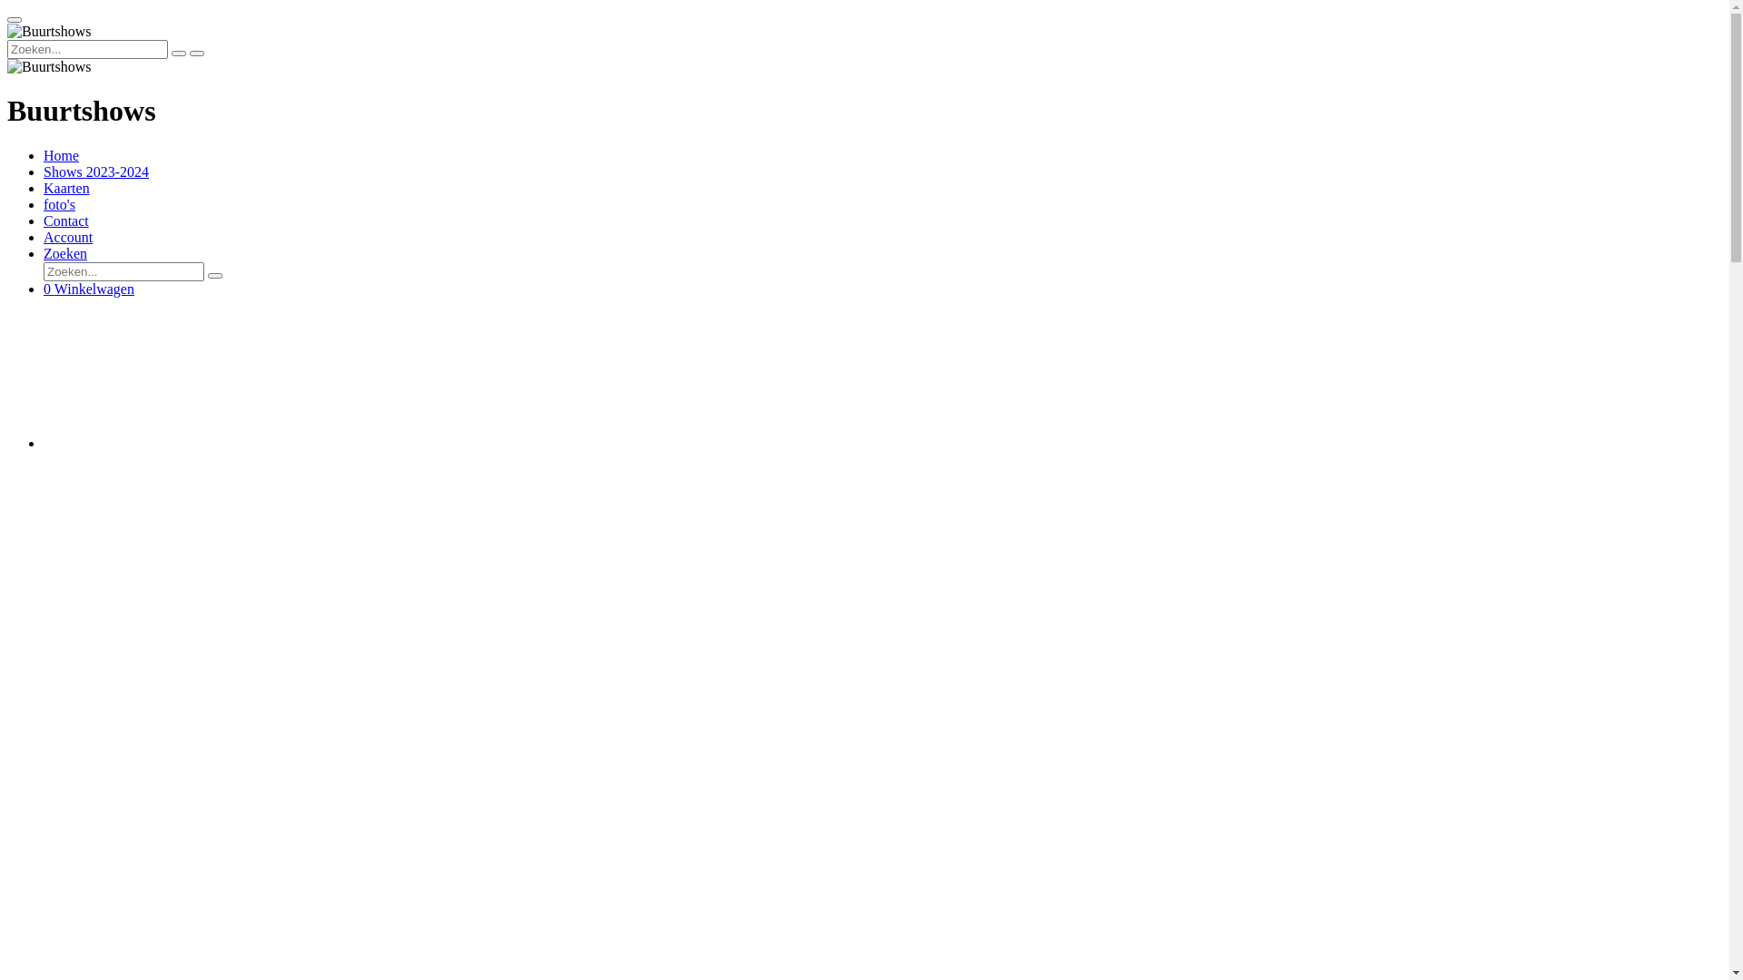 The height and width of the screenshot is (980, 1743). I want to click on 'Account', so click(68, 236).